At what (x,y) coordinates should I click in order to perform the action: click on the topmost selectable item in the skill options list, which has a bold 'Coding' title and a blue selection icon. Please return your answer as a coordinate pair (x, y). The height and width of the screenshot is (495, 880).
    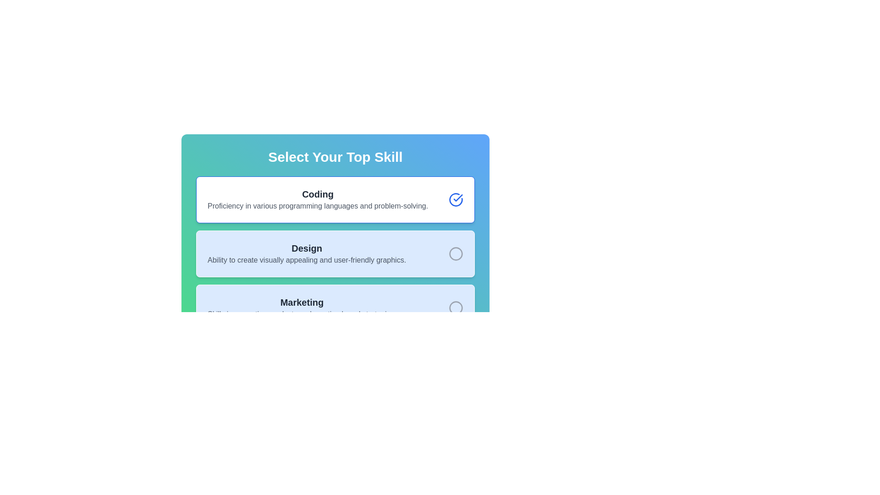
    Looking at the image, I should click on (335, 217).